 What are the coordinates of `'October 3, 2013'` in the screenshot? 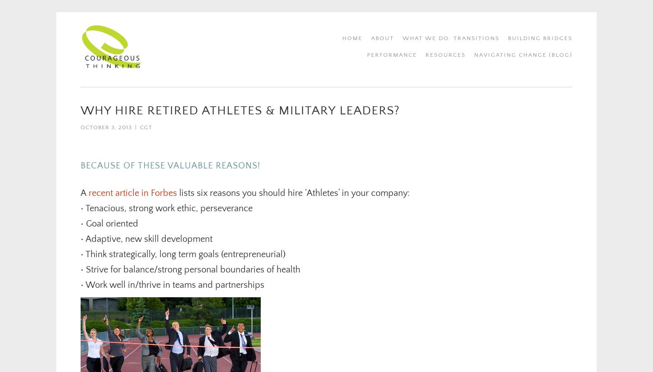 It's located at (106, 127).